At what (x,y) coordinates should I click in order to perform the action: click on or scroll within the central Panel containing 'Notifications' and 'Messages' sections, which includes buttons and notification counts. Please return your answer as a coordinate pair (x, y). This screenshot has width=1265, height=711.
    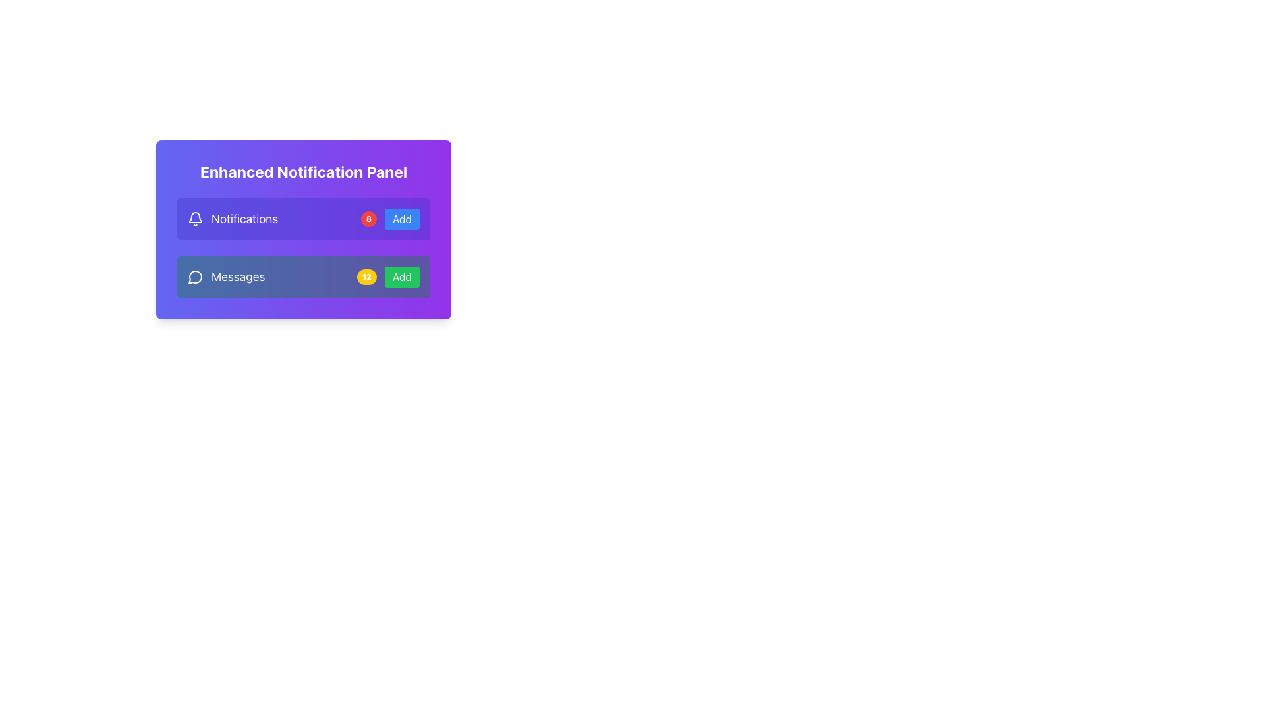
    Looking at the image, I should click on (302, 248).